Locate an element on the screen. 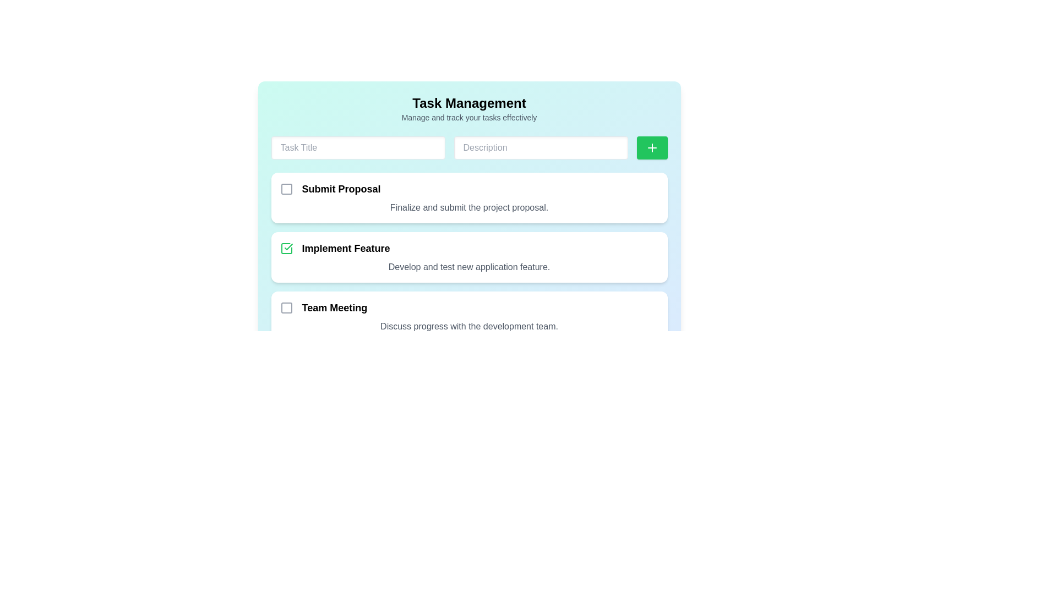  the second task card is located at coordinates (469, 257).